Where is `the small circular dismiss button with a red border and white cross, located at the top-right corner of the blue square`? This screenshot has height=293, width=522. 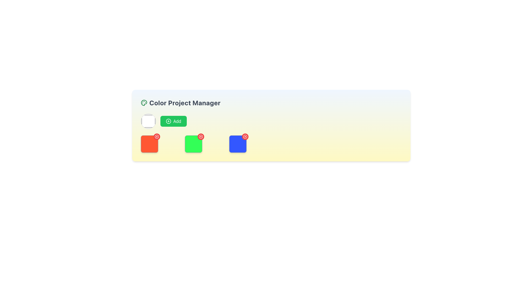 the small circular dismiss button with a red border and white cross, located at the top-right corner of the blue square is located at coordinates (245, 136).